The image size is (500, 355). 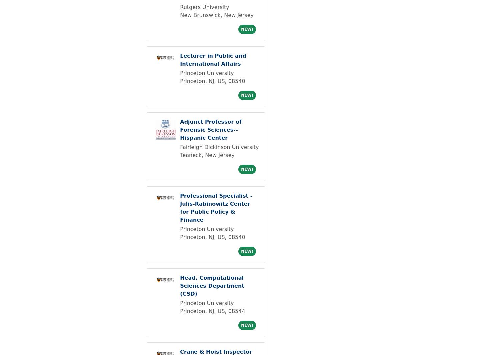 What do you see at coordinates (204, 7) in the screenshot?
I see `'Rutgers University'` at bounding box center [204, 7].